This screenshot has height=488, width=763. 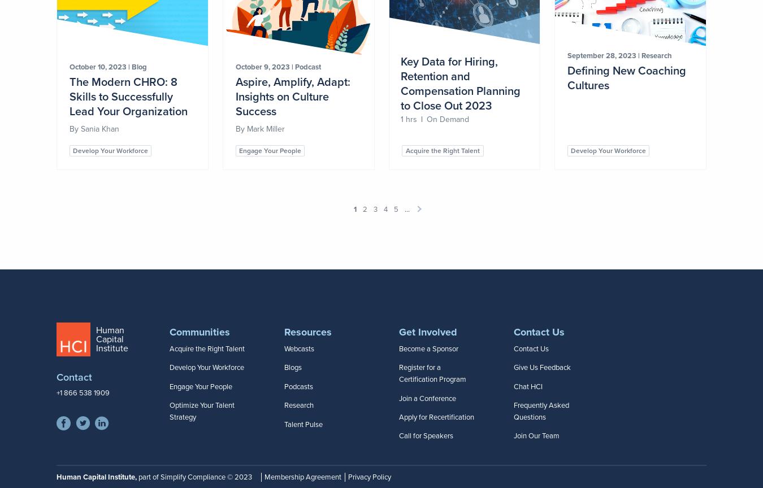 What do you see at coordinates (235, 97) in the screenshot?
I see `'Aspire, Amplify, Adapt: Insights on Culture Success'` at bounding box center [235, 97].